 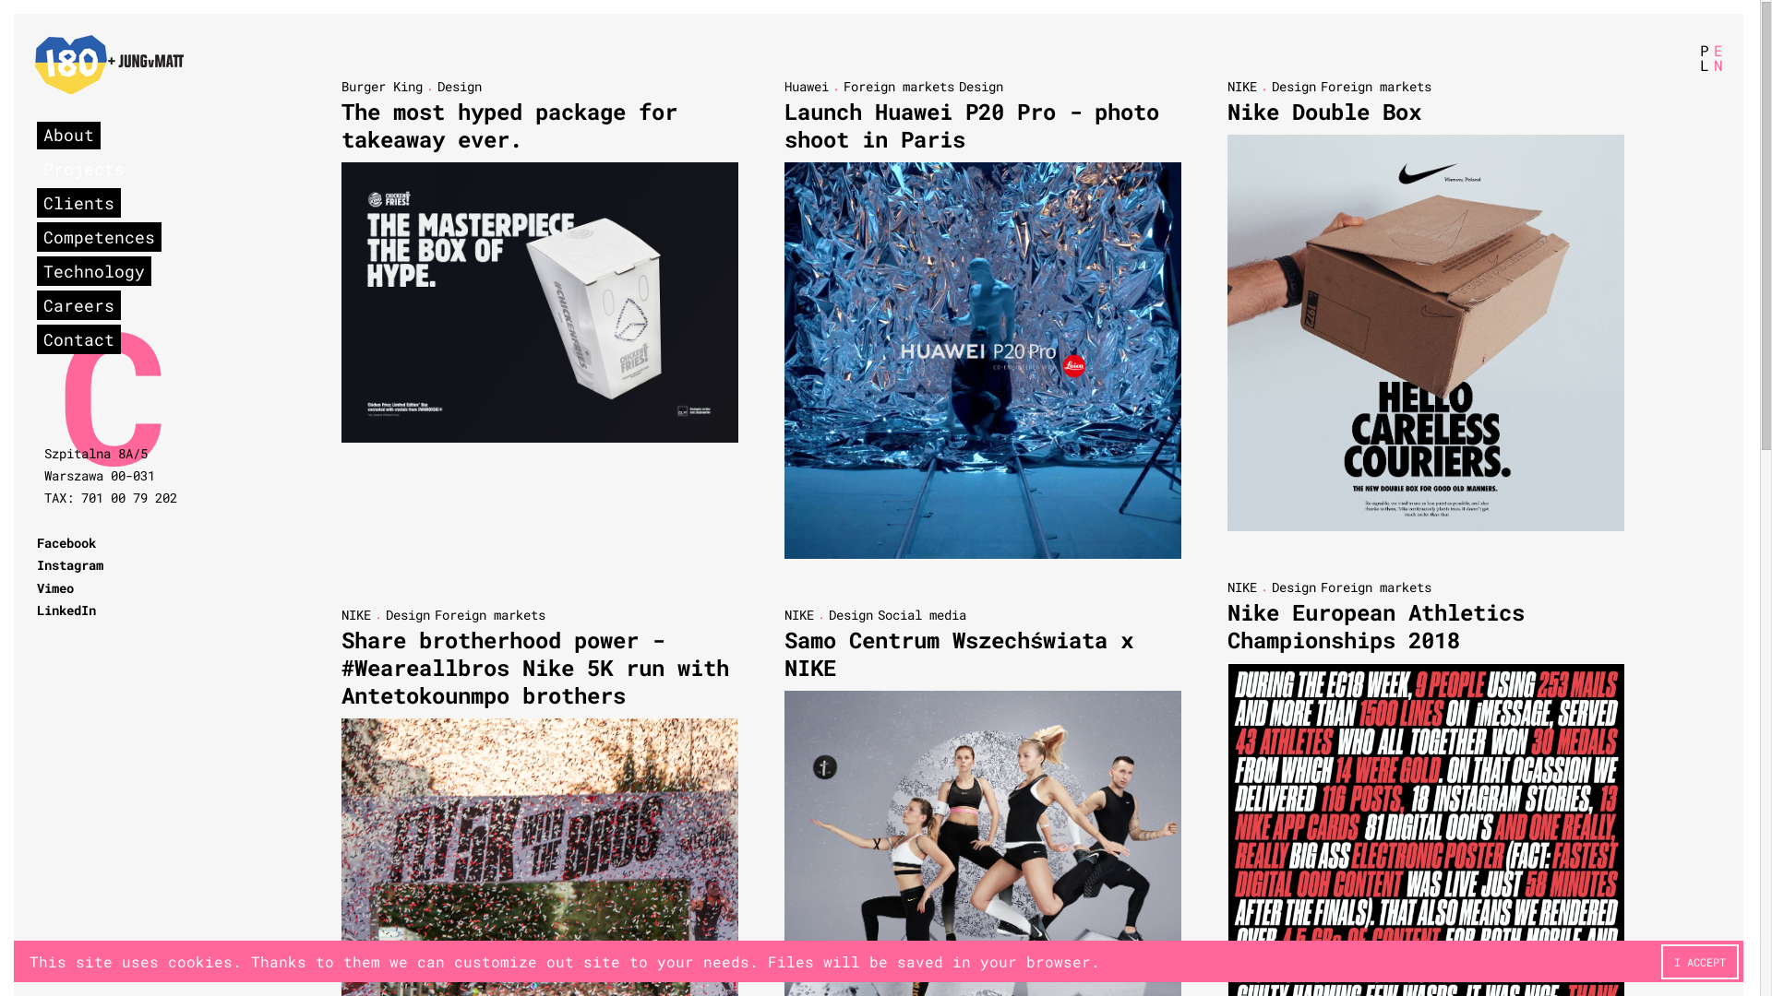 I want to click on 'Instagram', so click(x=70, y=565).